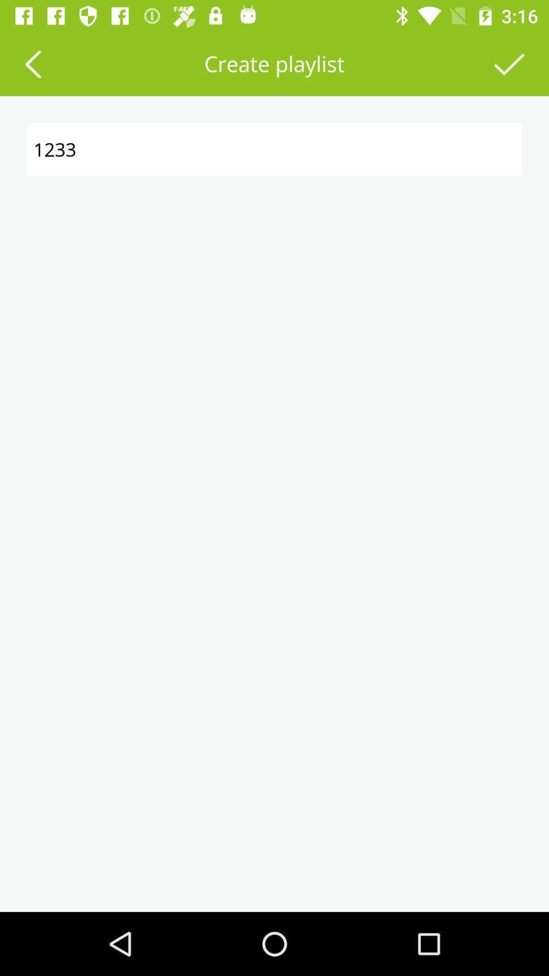 This screenshot has width=549, height=976. I want to click on save, so click(509, 63).